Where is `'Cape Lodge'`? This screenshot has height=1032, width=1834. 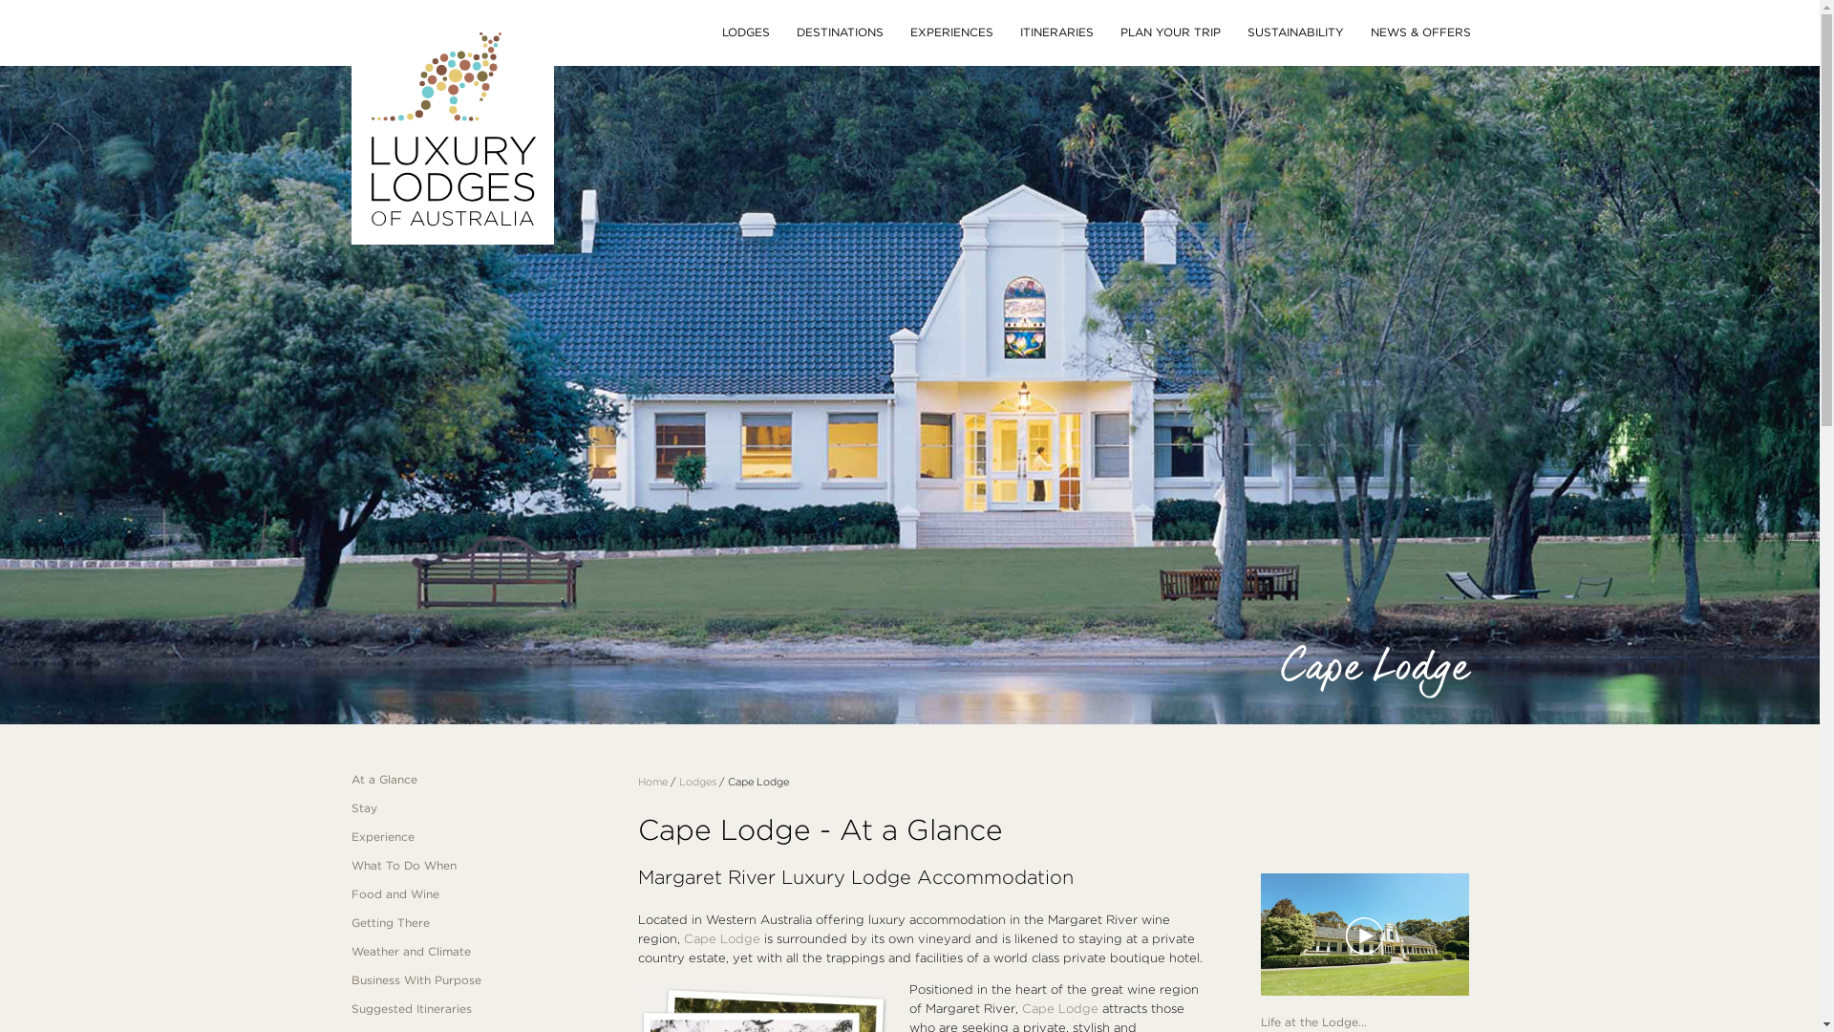 'Cape Lodge' is located at coordinates (721, 937).